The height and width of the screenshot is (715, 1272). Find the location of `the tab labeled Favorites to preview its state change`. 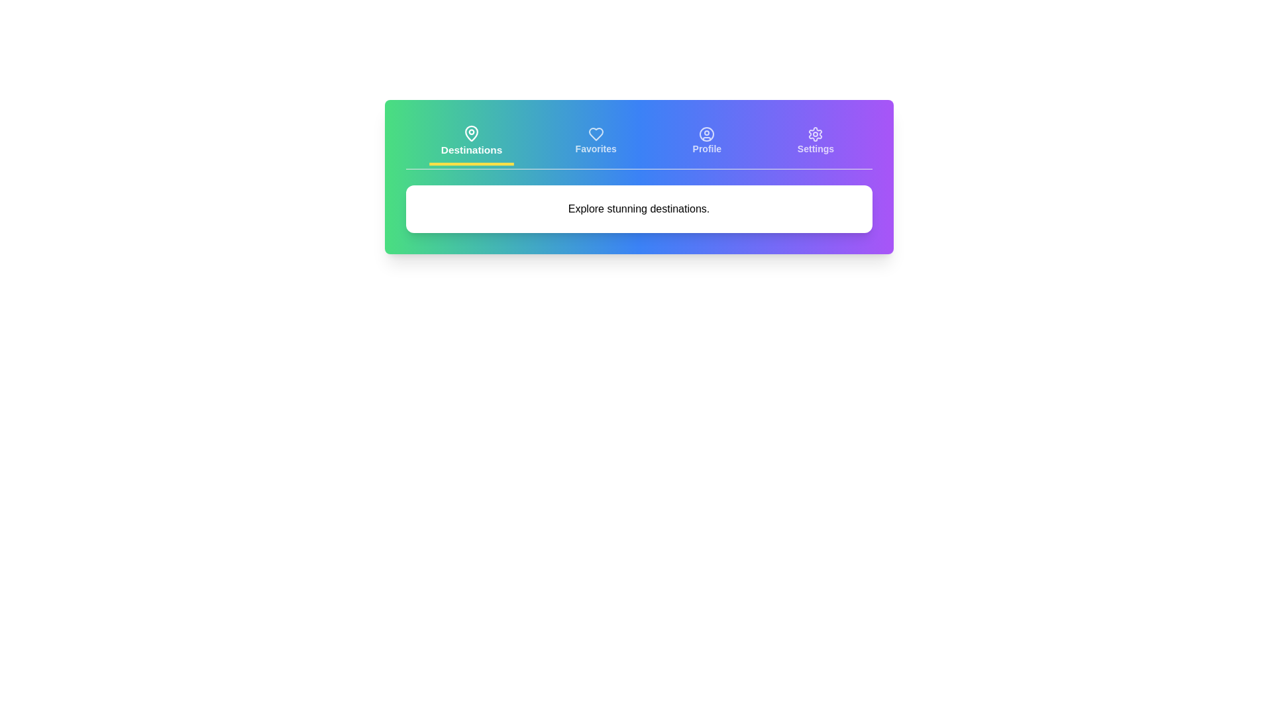

the tab labeled Favorites to preview its state change is located at coordinates (595, 142).